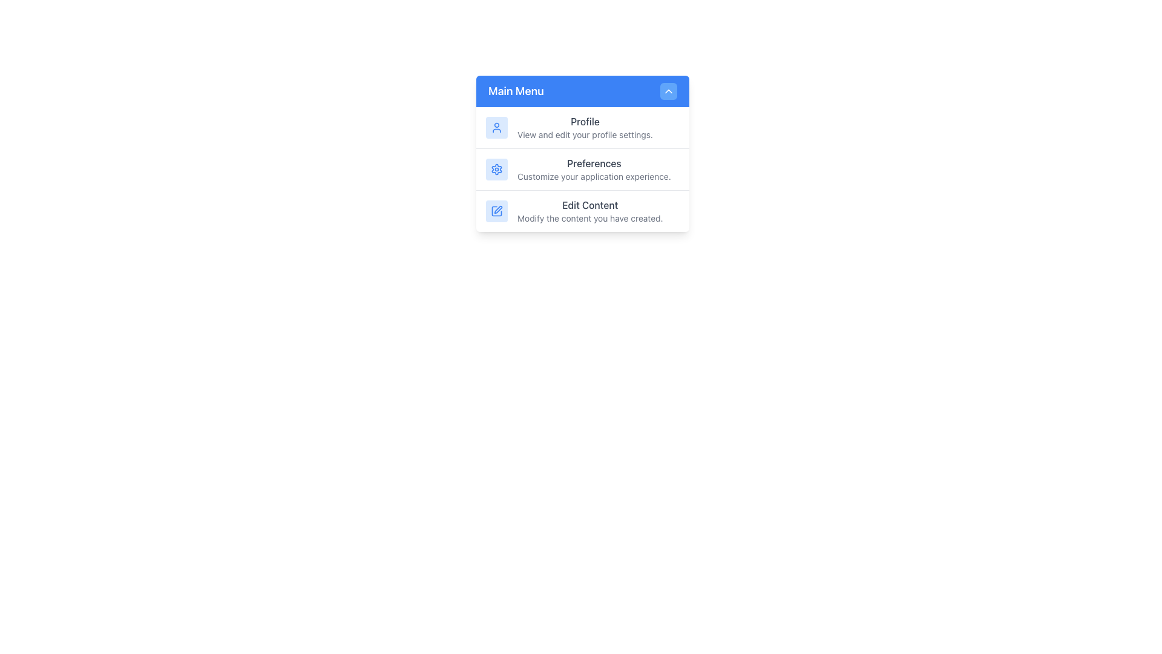  What do you see at coordinates (496, 128) in the screenshot?
I see `the blue user profile icon located at the leftmost side of the first section of the menu interface, adjacent to the heading 'Profile'` at bounding box center [496, 128].